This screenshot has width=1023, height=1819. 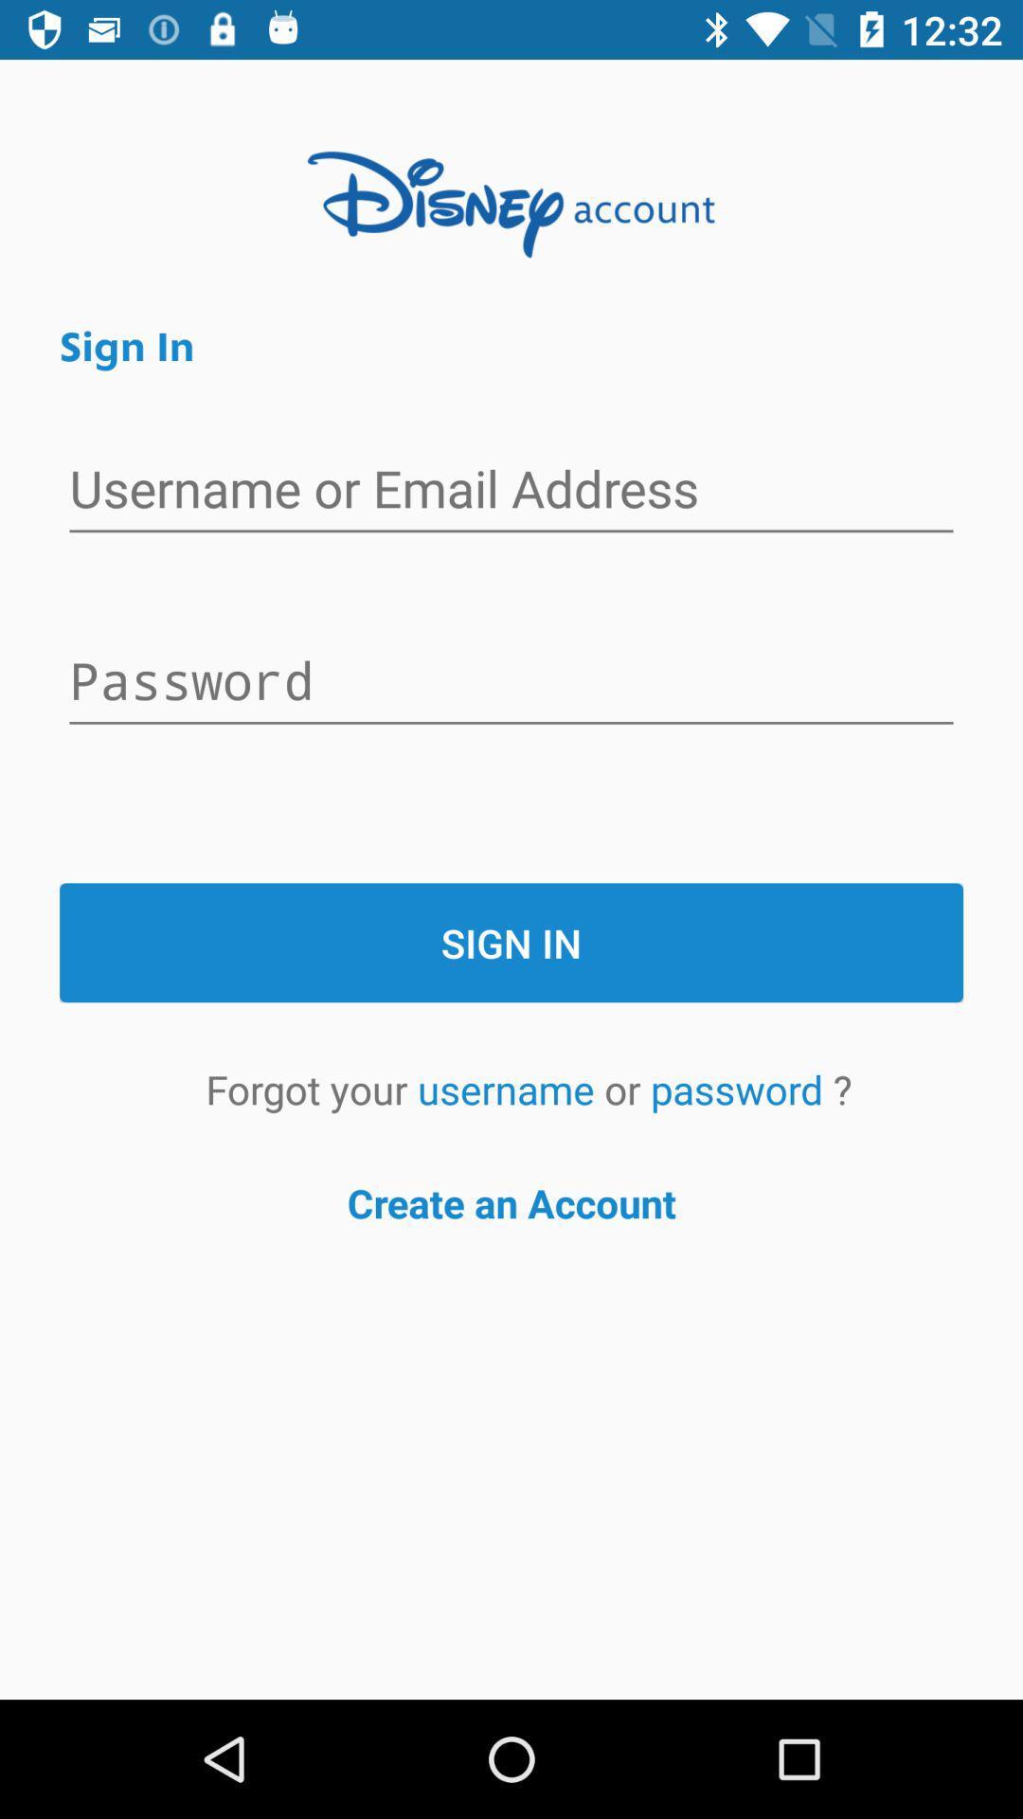 What do you see at coordinates (510, 1089) in the screenshot?
I see `the item next to the or item` at bounding box center [510, 1089].